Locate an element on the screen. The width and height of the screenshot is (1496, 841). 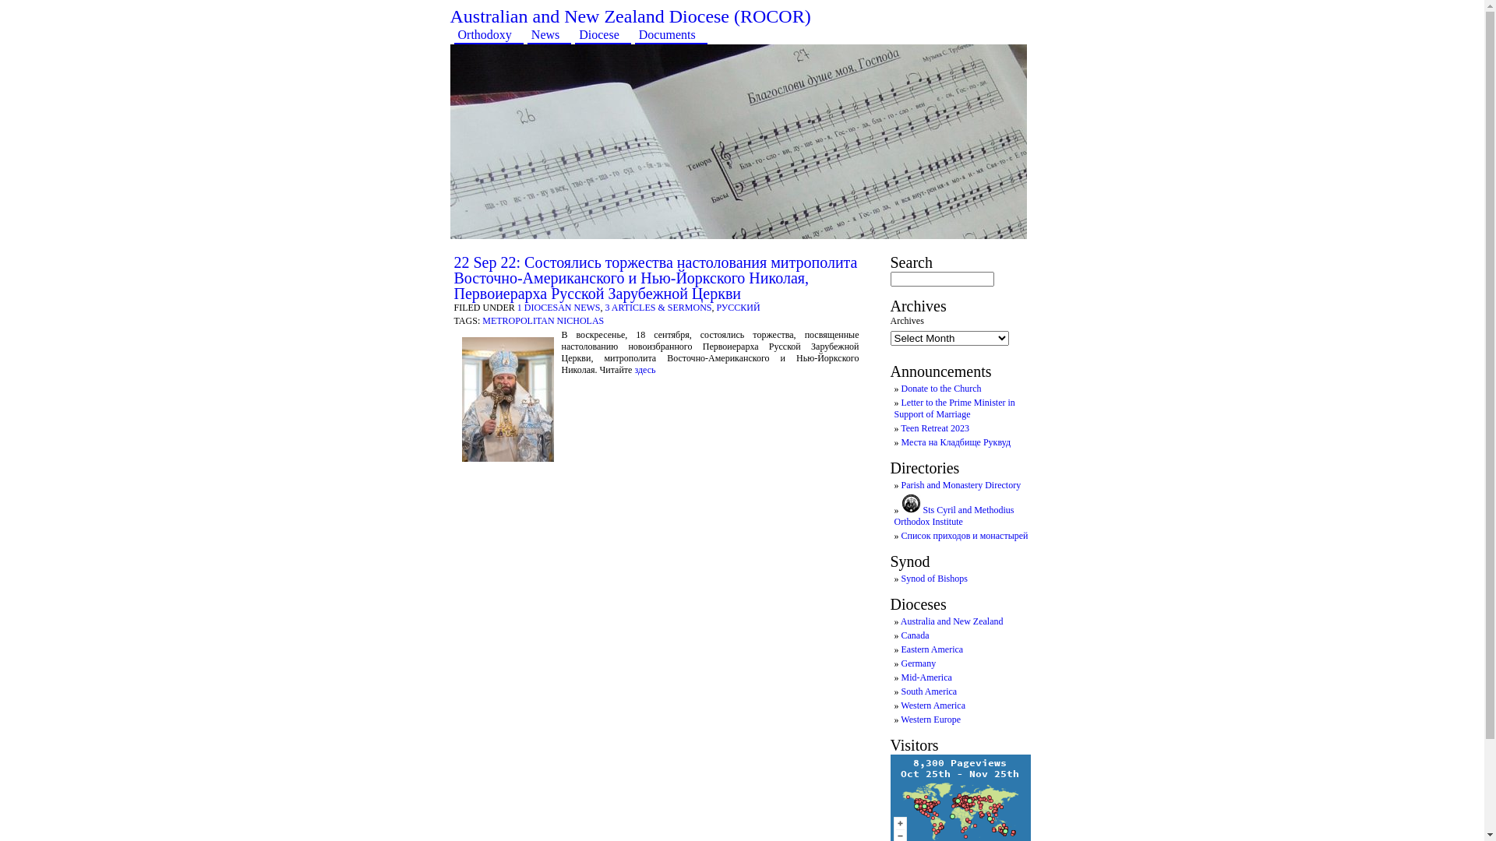
'News' is located at coordinates (527, 34).